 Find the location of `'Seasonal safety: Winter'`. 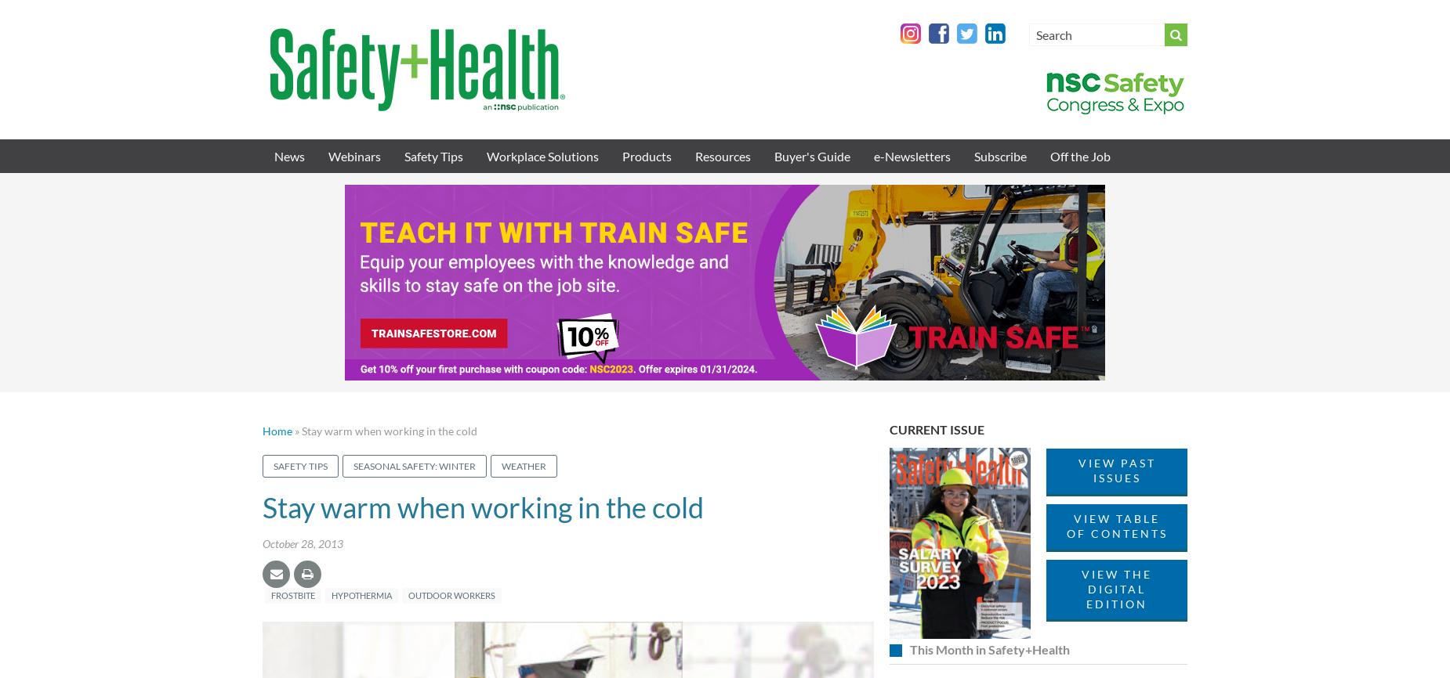

'Seasonal safety: Winter' is located at coordinates (414, 466).